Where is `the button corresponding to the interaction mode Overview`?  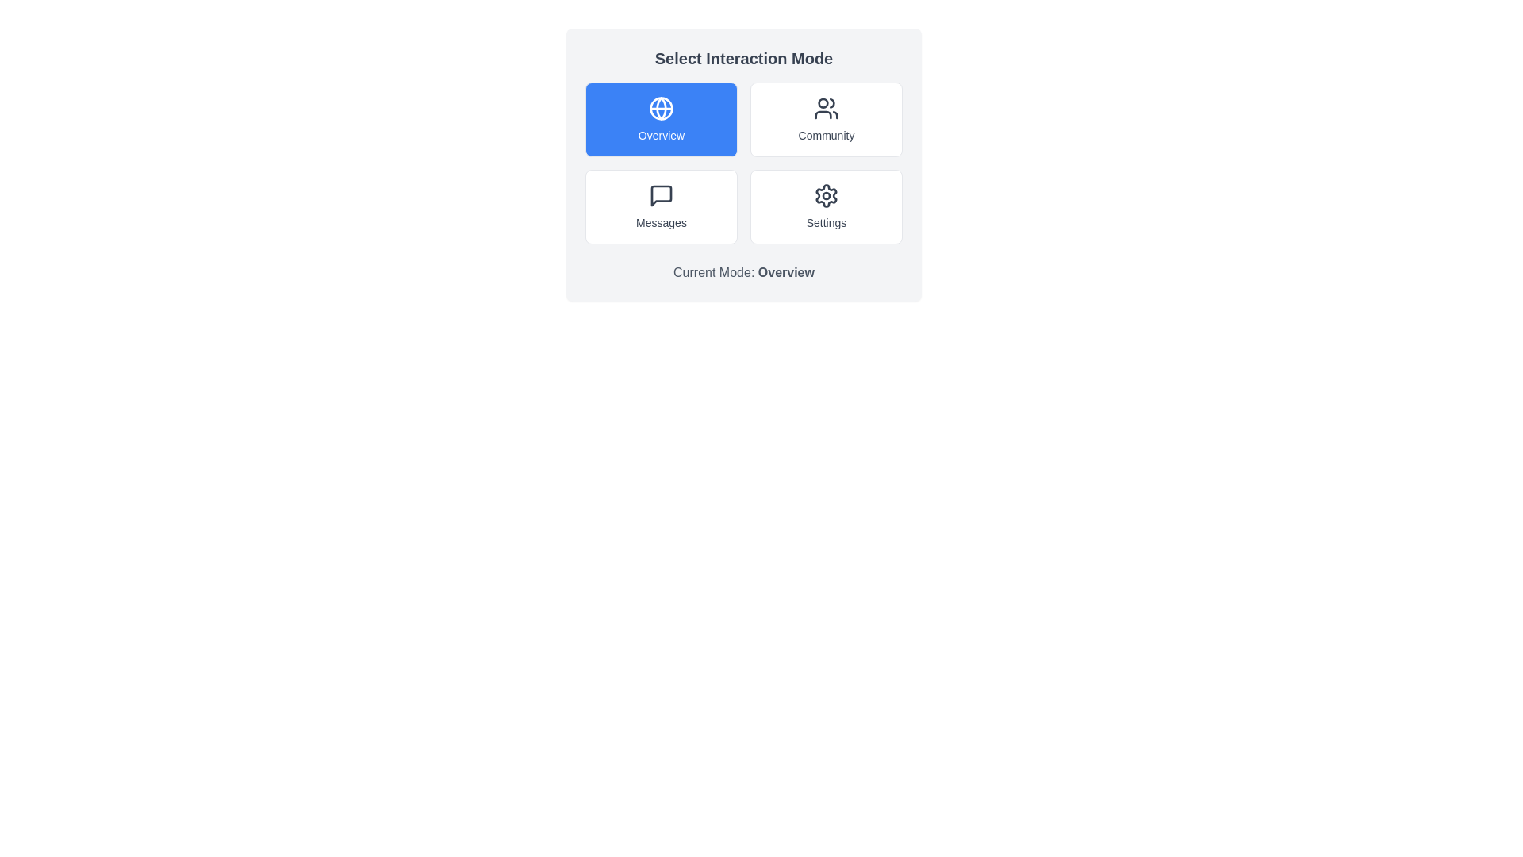 the button corresponding to the interaction mode Overview is located at coordinates (662, 118).